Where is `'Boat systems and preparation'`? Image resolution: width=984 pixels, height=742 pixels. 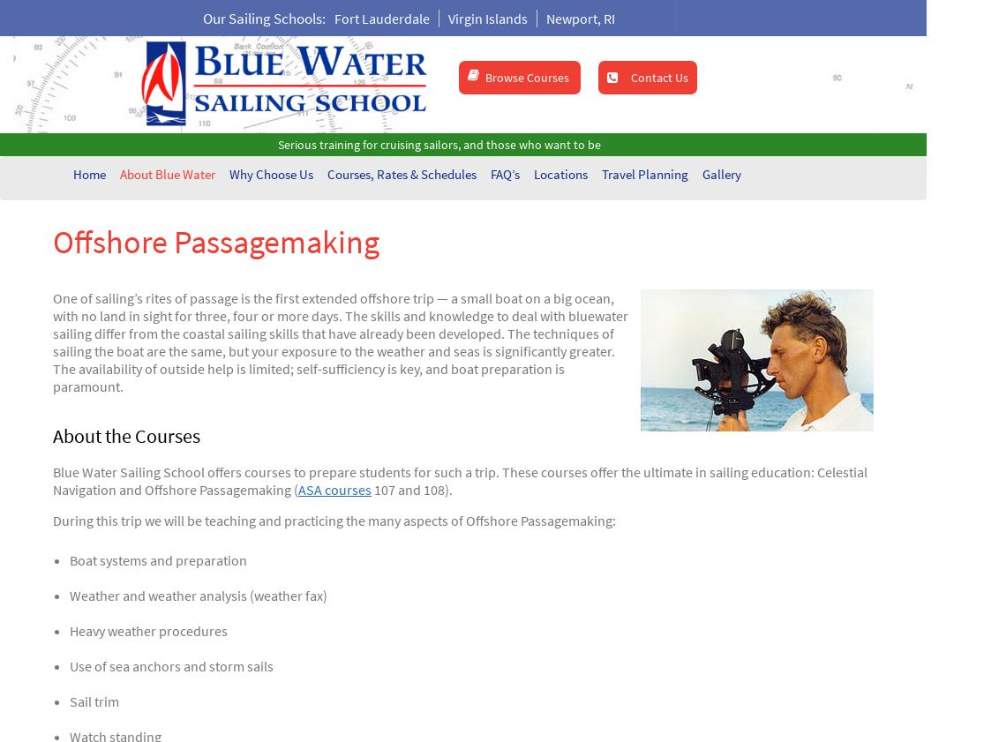 'Boat systems and preparation' is located at coordinates (157, 560).